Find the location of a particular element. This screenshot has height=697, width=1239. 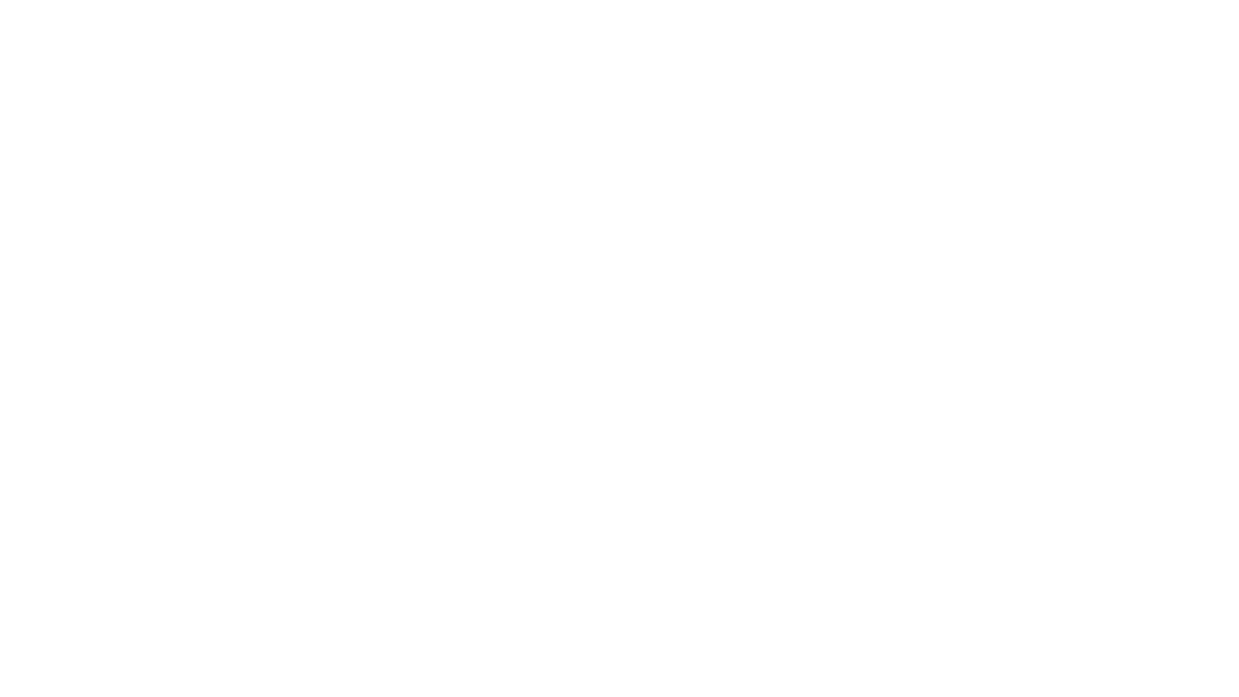

19 posts is located at coordinates (547, 108).